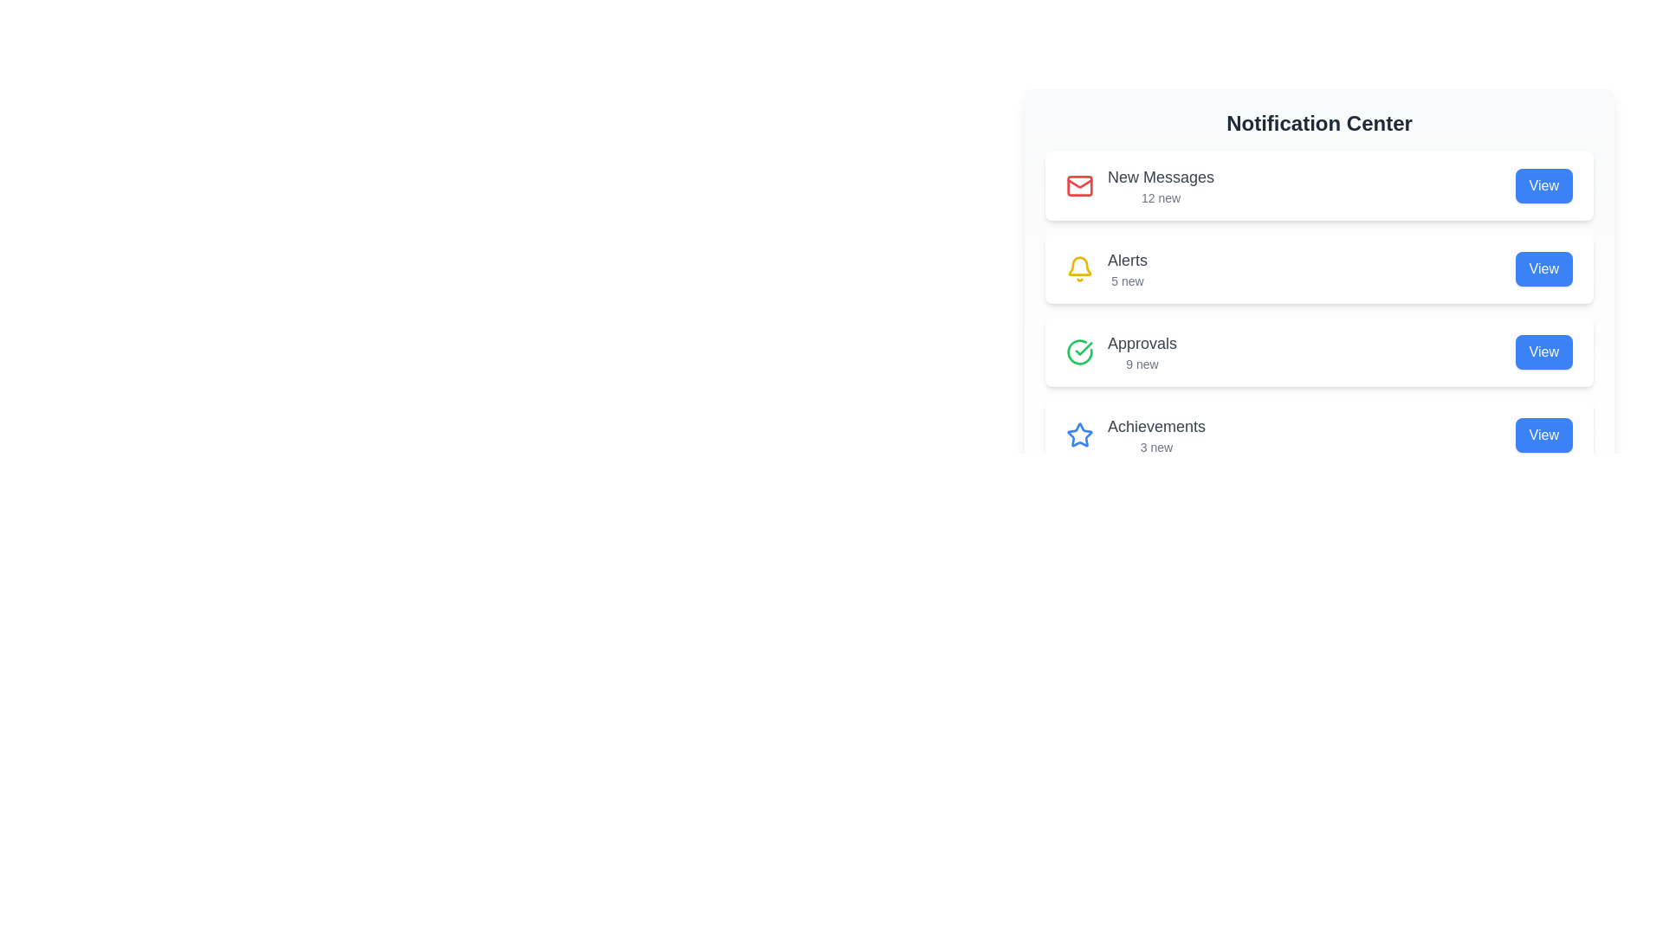 Image resolution: width=1663 pixels, height=935 pixels. What do you see at coordinates (1318, 351) in the screenshot?
I see `the Notification item summarizing updates related to approvals with 9 new updates to emphasize the element and view additional information` at bounding box center [1318, 351].